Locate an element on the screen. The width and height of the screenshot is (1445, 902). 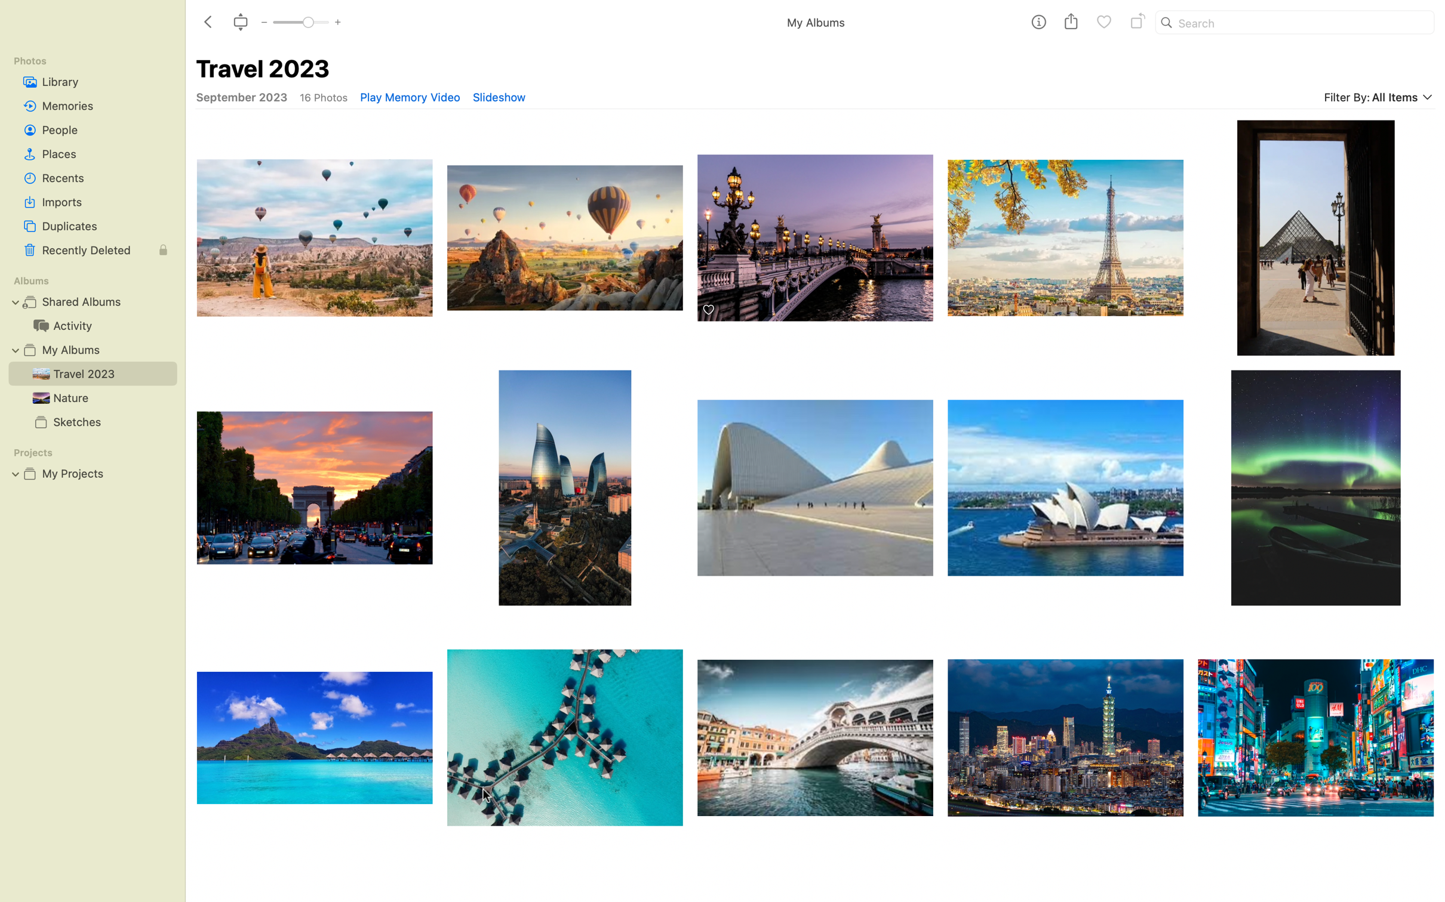
Rotate Eiffel Tower Picture twice is located at coordinates (1065, 231).